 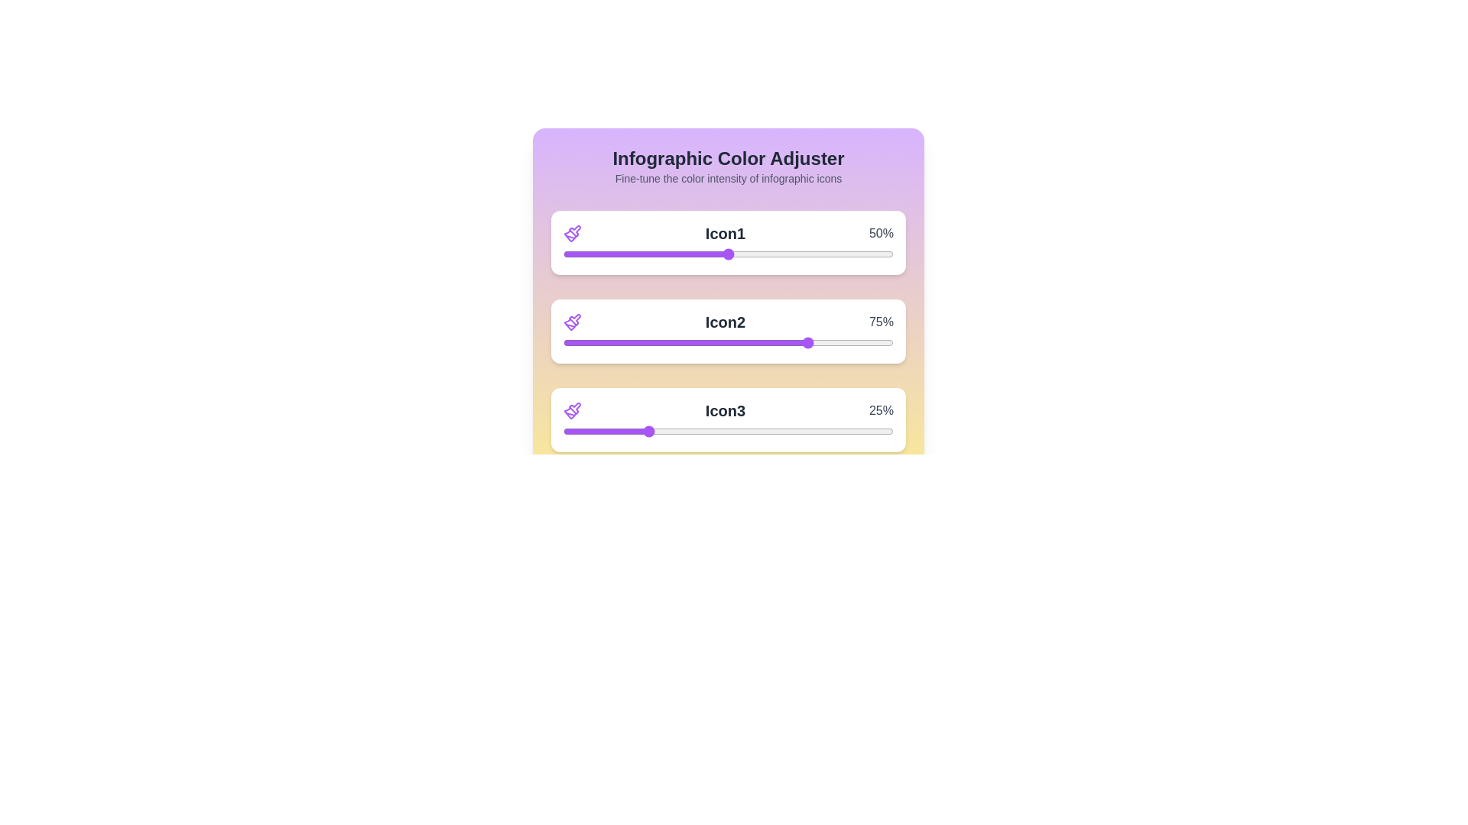 What do you see at coordinates (725, 233) in the screenshot?
I see `the label of Icon1 to focus on its description` at bounding box center [725, 233].